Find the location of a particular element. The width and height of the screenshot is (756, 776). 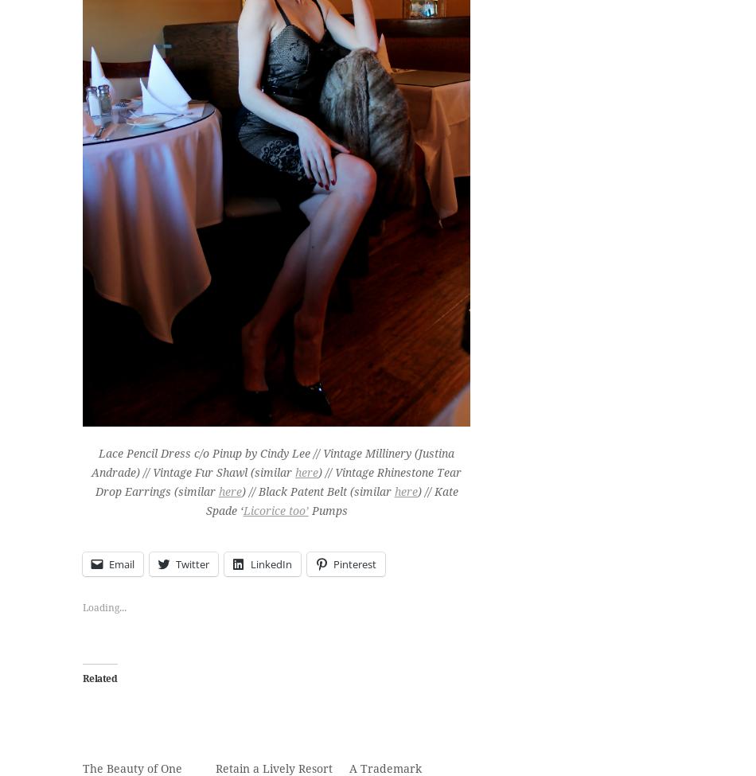

') // Black Patent Belt (similar' is located at coordinates (317, 490).